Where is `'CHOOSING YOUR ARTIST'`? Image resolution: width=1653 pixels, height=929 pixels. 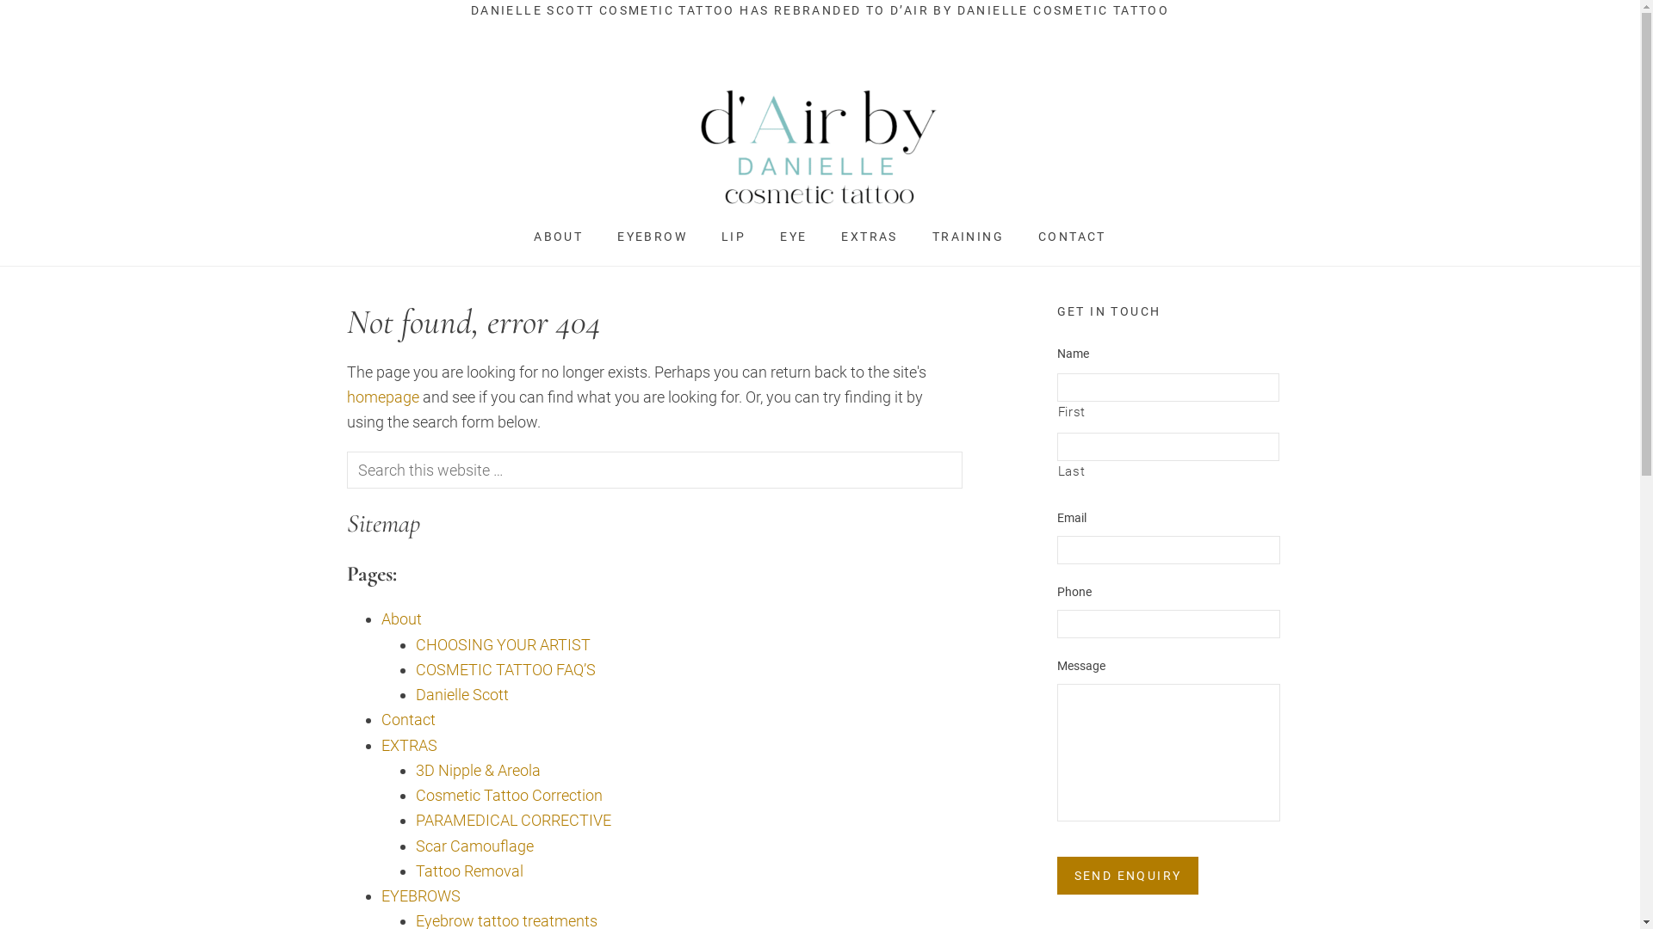
'CHOOSING YOUR ARTIST' is located at coordinates (501, 644).